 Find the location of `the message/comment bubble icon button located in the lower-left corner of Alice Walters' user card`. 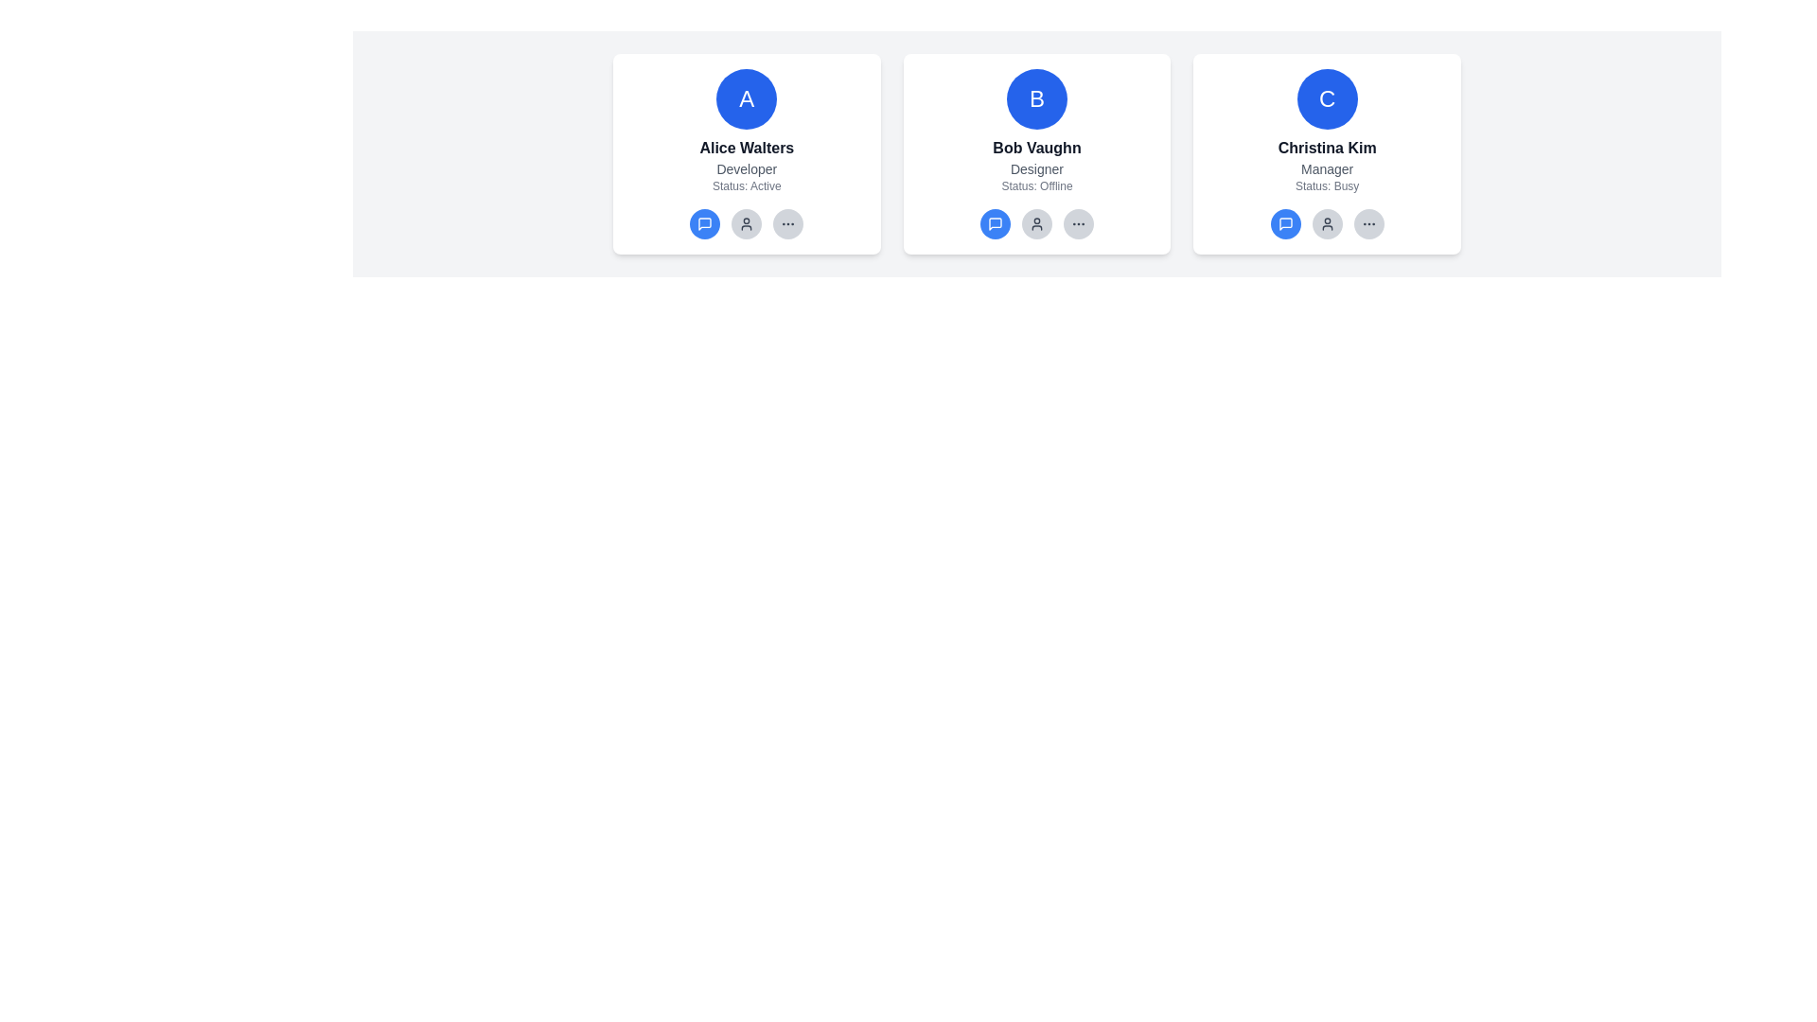

the message/comment bubble icon button located in the lower-left corner of Alice Walters' user card is located at coordinates (704, 222).